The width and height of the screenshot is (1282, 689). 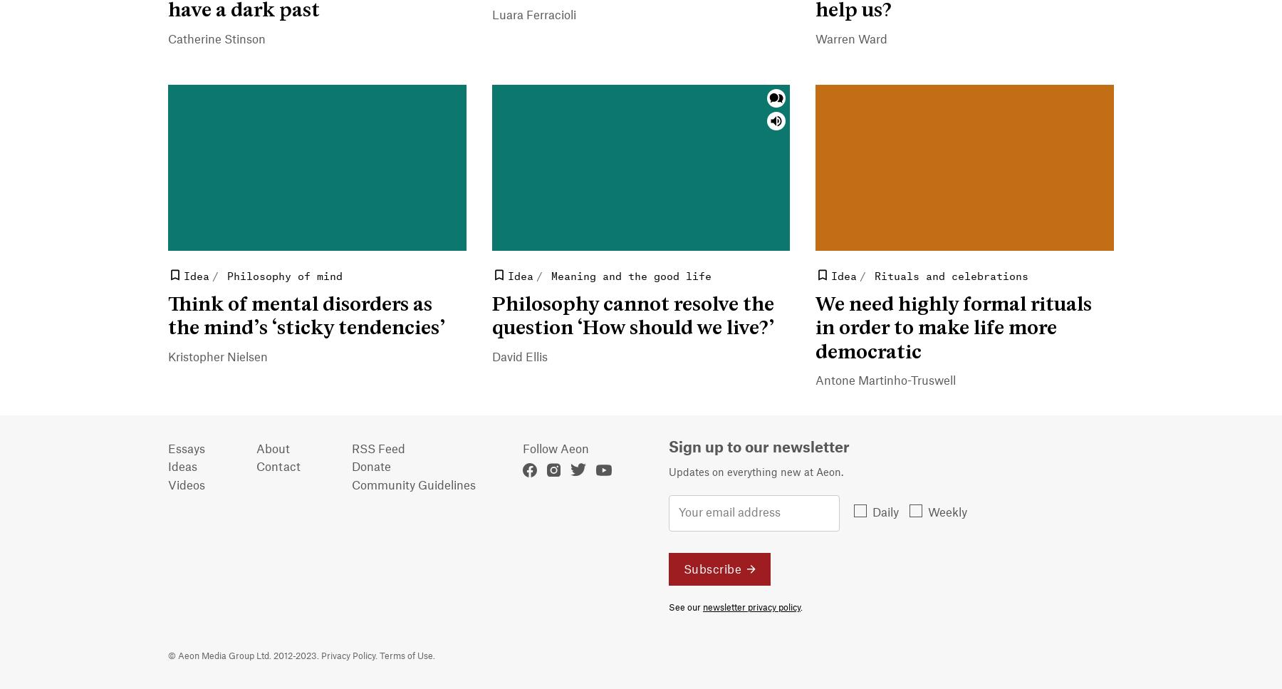 What do you see at coordinates (186, 485) in the screenshot?
I see `'Videos'` at bounding box center [186, 485].